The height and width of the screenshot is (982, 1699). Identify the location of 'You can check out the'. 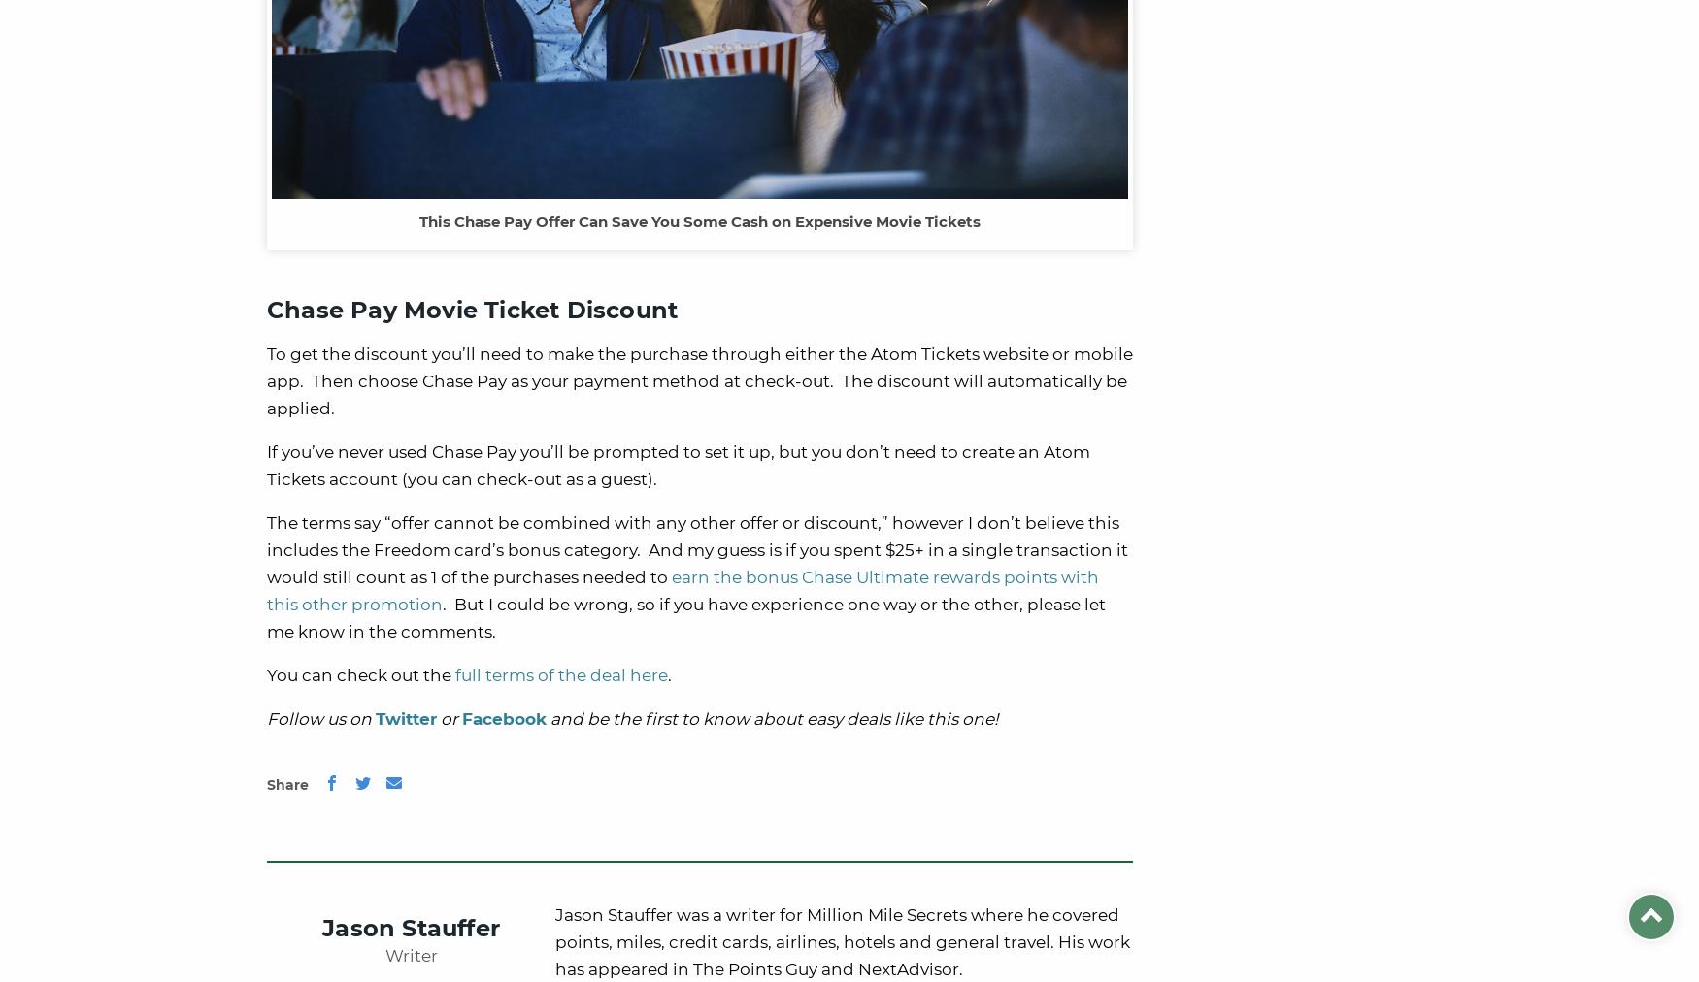
(361, 674).